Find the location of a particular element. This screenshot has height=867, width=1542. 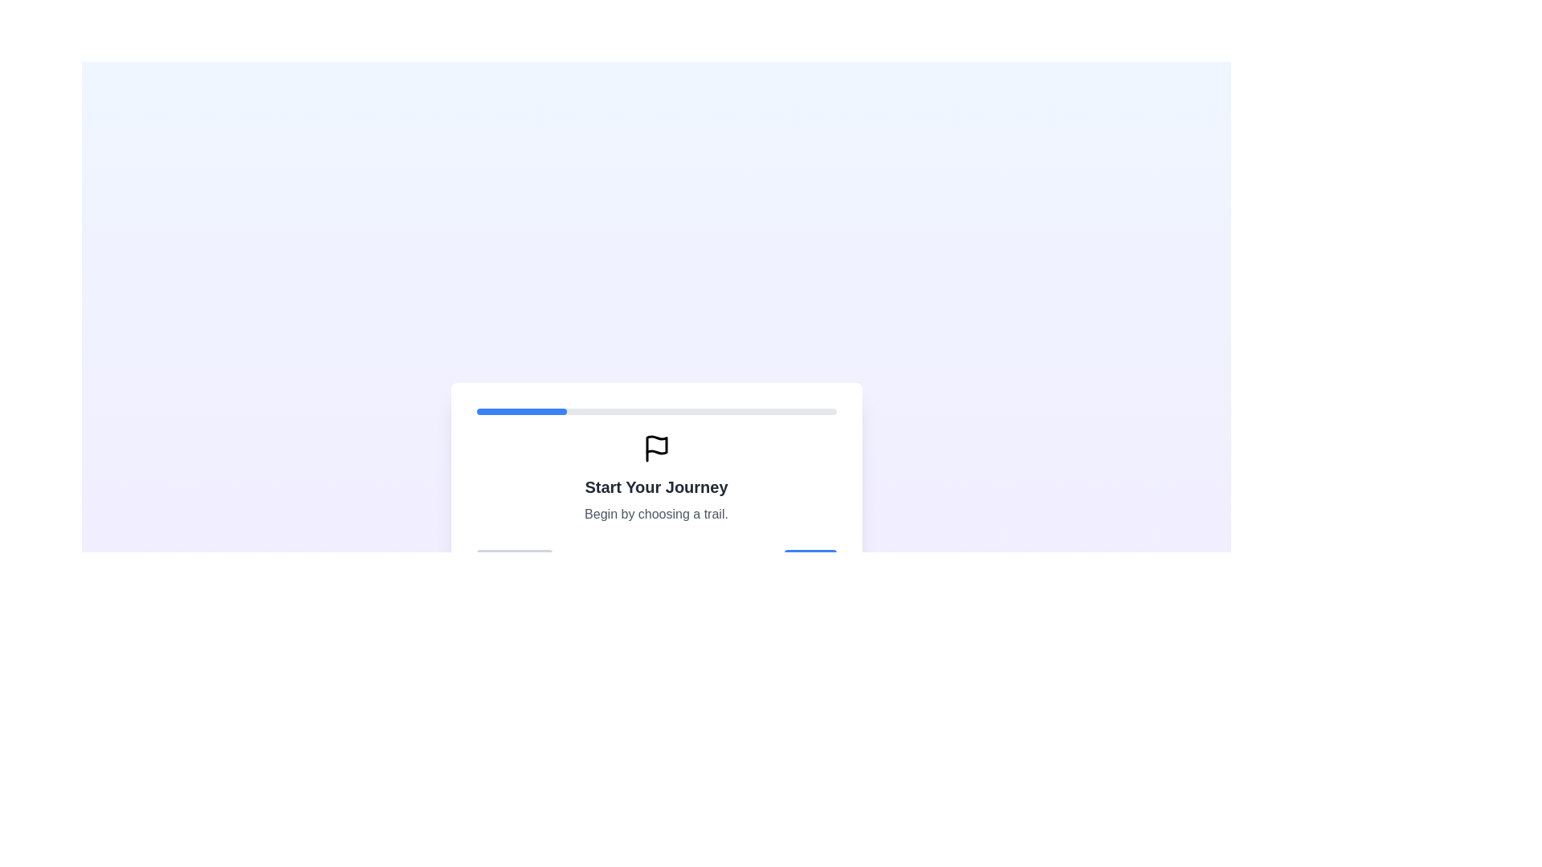

the text element reading 'Start Your Journey', which is prominently displayed in bold and larger dark gray font, located centrally above the text 'Begin by choosing a trail' is located at coordinates (656, 486).